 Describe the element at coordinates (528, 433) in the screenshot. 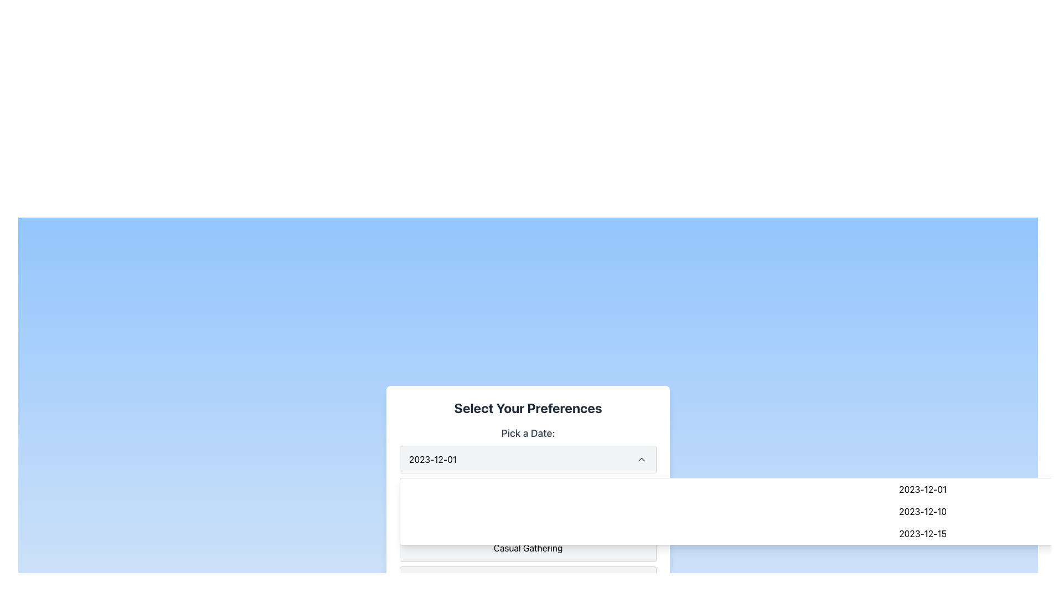

I see `the label component that displays 'Pick a Date:' styled in a large, bold font, positioned above the date display in the date picker section of the interface` at that location.